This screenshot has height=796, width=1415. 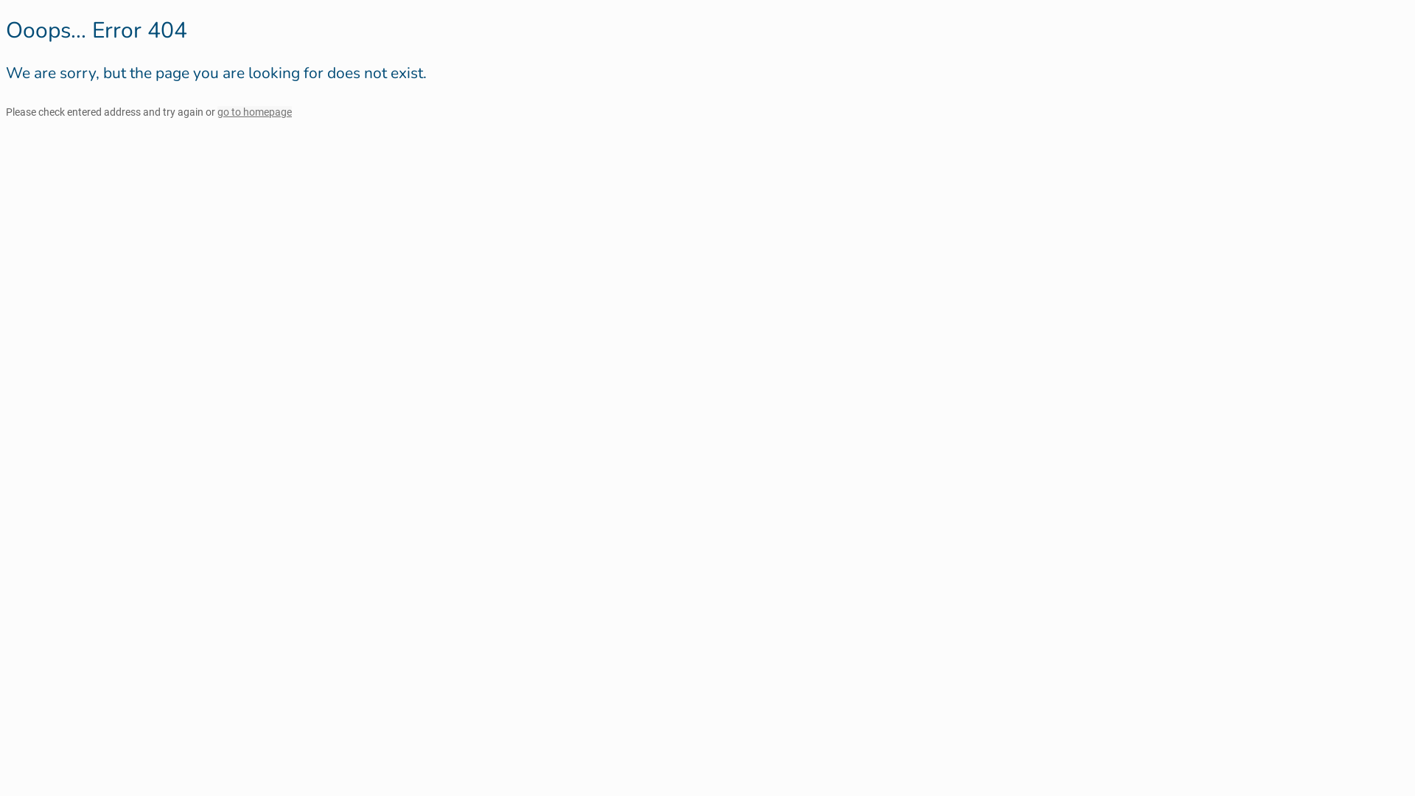 I want to click on 'go to homepage', so click(x=254, y=111).